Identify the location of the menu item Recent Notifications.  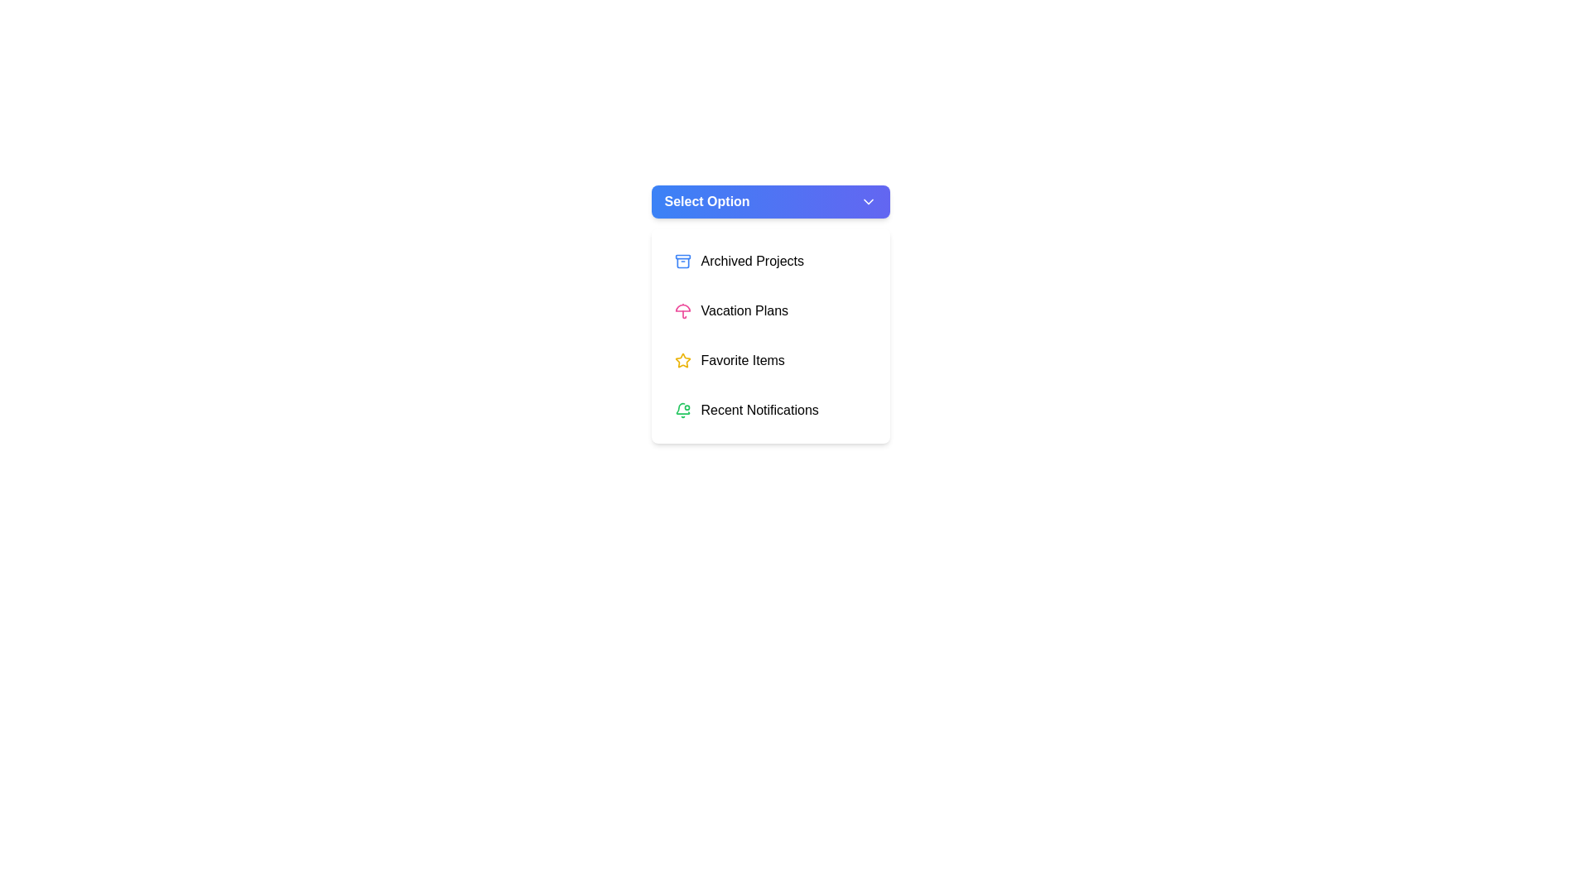
(769, 410).